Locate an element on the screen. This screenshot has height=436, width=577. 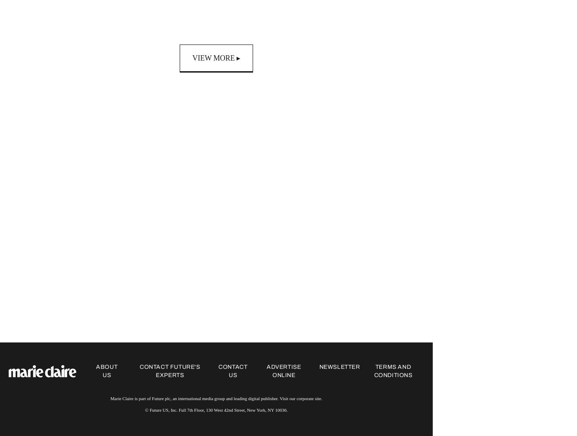
'Advertise Online' is located at coordinates (266, 371).